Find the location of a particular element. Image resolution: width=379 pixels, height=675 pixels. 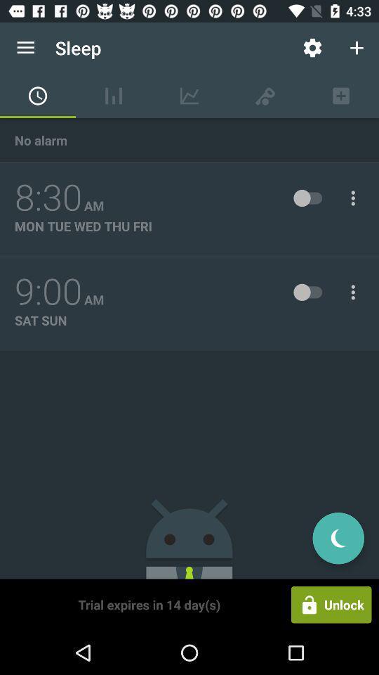

9:00 icon is located at coordinates (48, 291).